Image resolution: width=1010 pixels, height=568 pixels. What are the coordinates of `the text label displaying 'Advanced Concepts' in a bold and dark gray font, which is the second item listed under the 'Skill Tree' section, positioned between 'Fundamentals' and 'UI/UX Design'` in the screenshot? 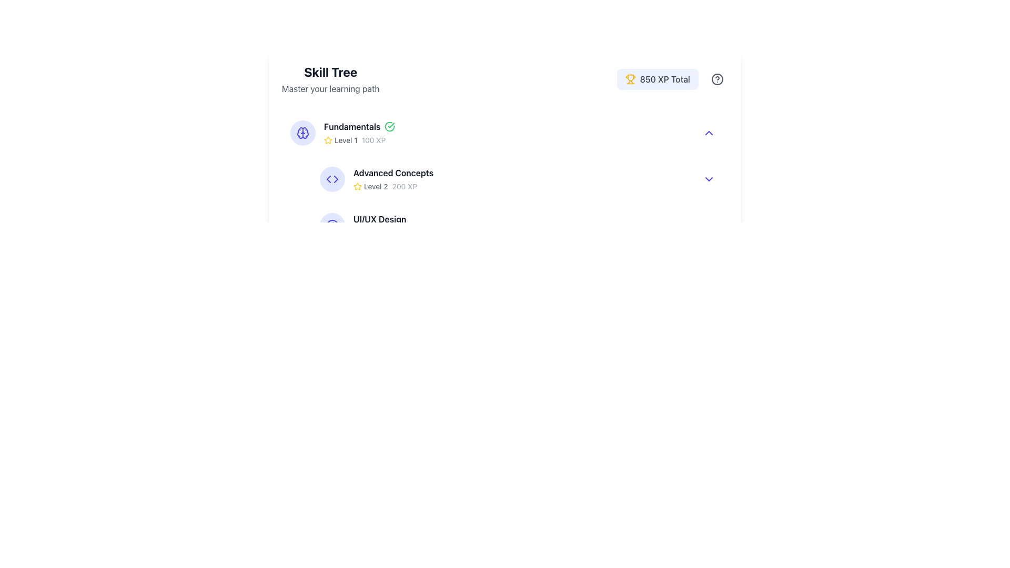 It's located at (393, 172).